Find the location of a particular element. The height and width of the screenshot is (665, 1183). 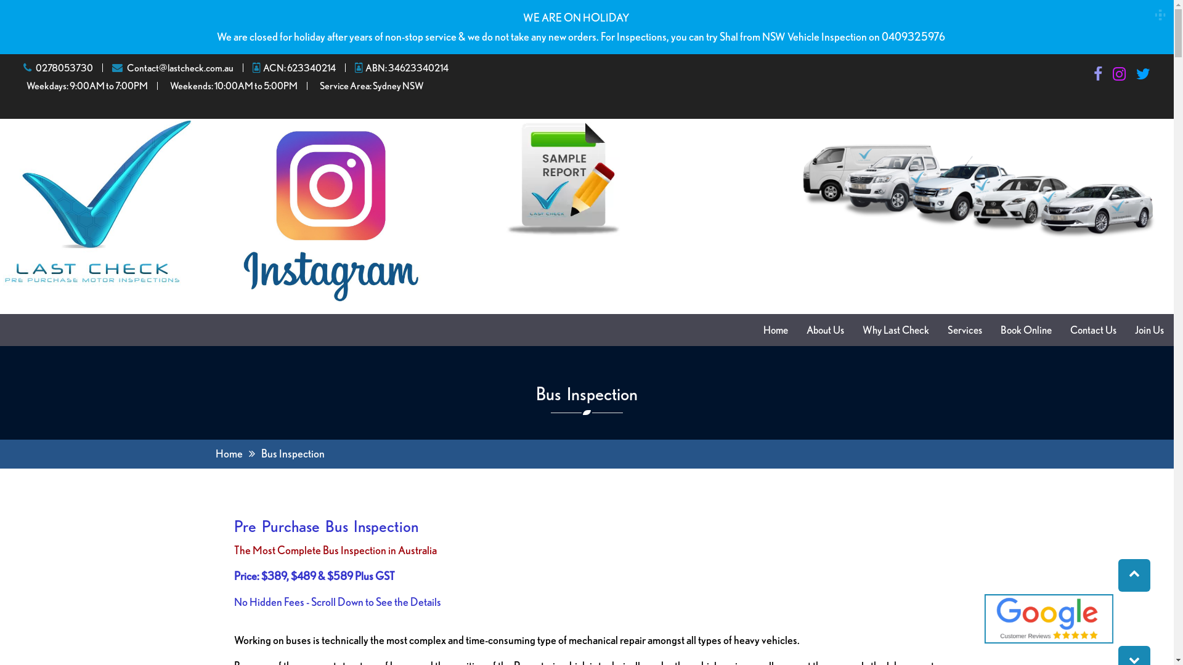

'Join Us' is located at coordinates (1148, 329).